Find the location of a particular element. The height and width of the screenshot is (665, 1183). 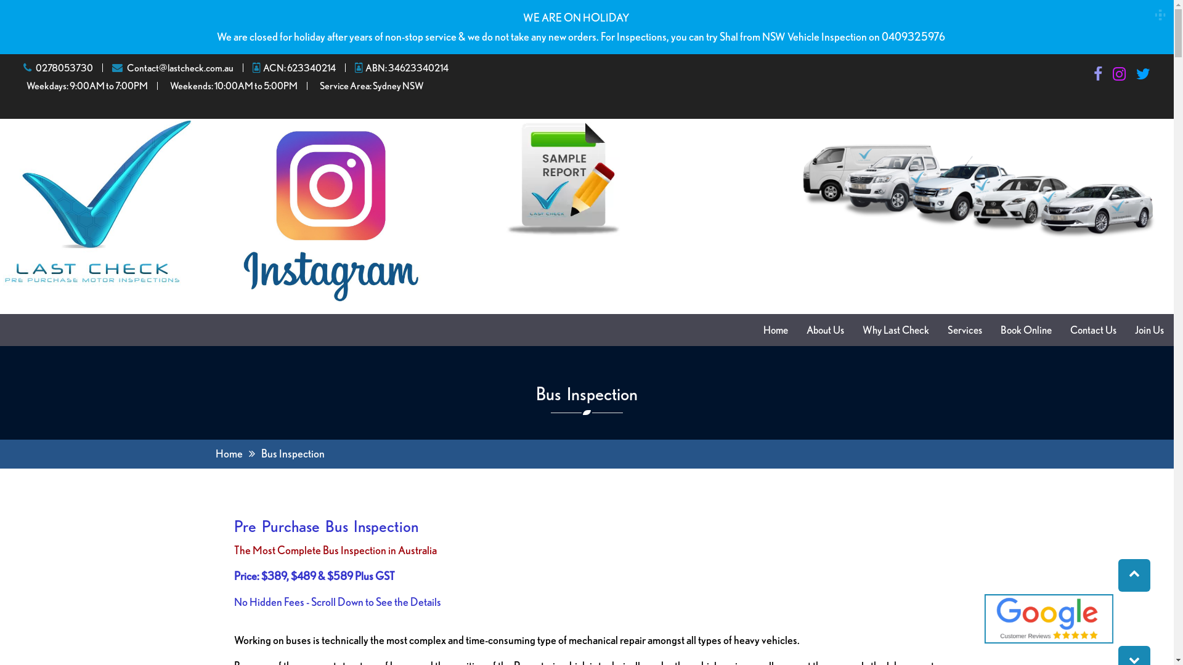

'Join Us' is located at coordinates (1148, 329).